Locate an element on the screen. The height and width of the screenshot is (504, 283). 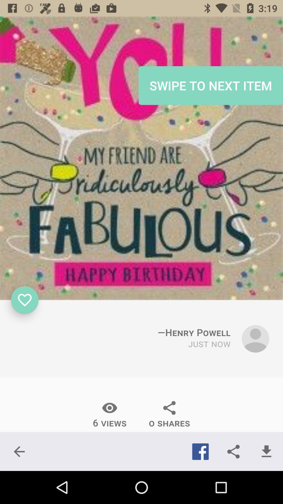
favorites icon is located at coordinates (25, 300).